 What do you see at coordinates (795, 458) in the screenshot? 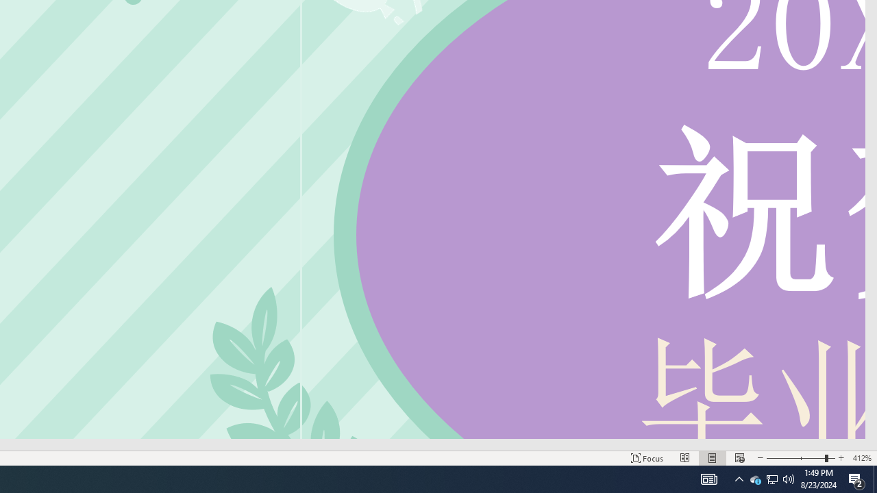
I see `'Zoom Out'` at bounding box center [795, 458].